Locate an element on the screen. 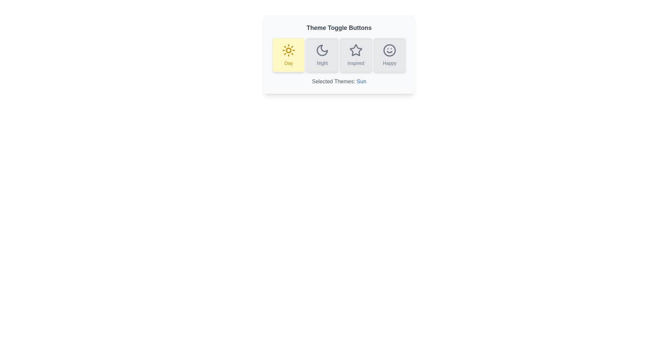 This screenshot has height=363, width=646. the circular shape that forms the primary outline of the smiley face icon within the 'Happy' theme toggle button is located at coordinates (389, 50).